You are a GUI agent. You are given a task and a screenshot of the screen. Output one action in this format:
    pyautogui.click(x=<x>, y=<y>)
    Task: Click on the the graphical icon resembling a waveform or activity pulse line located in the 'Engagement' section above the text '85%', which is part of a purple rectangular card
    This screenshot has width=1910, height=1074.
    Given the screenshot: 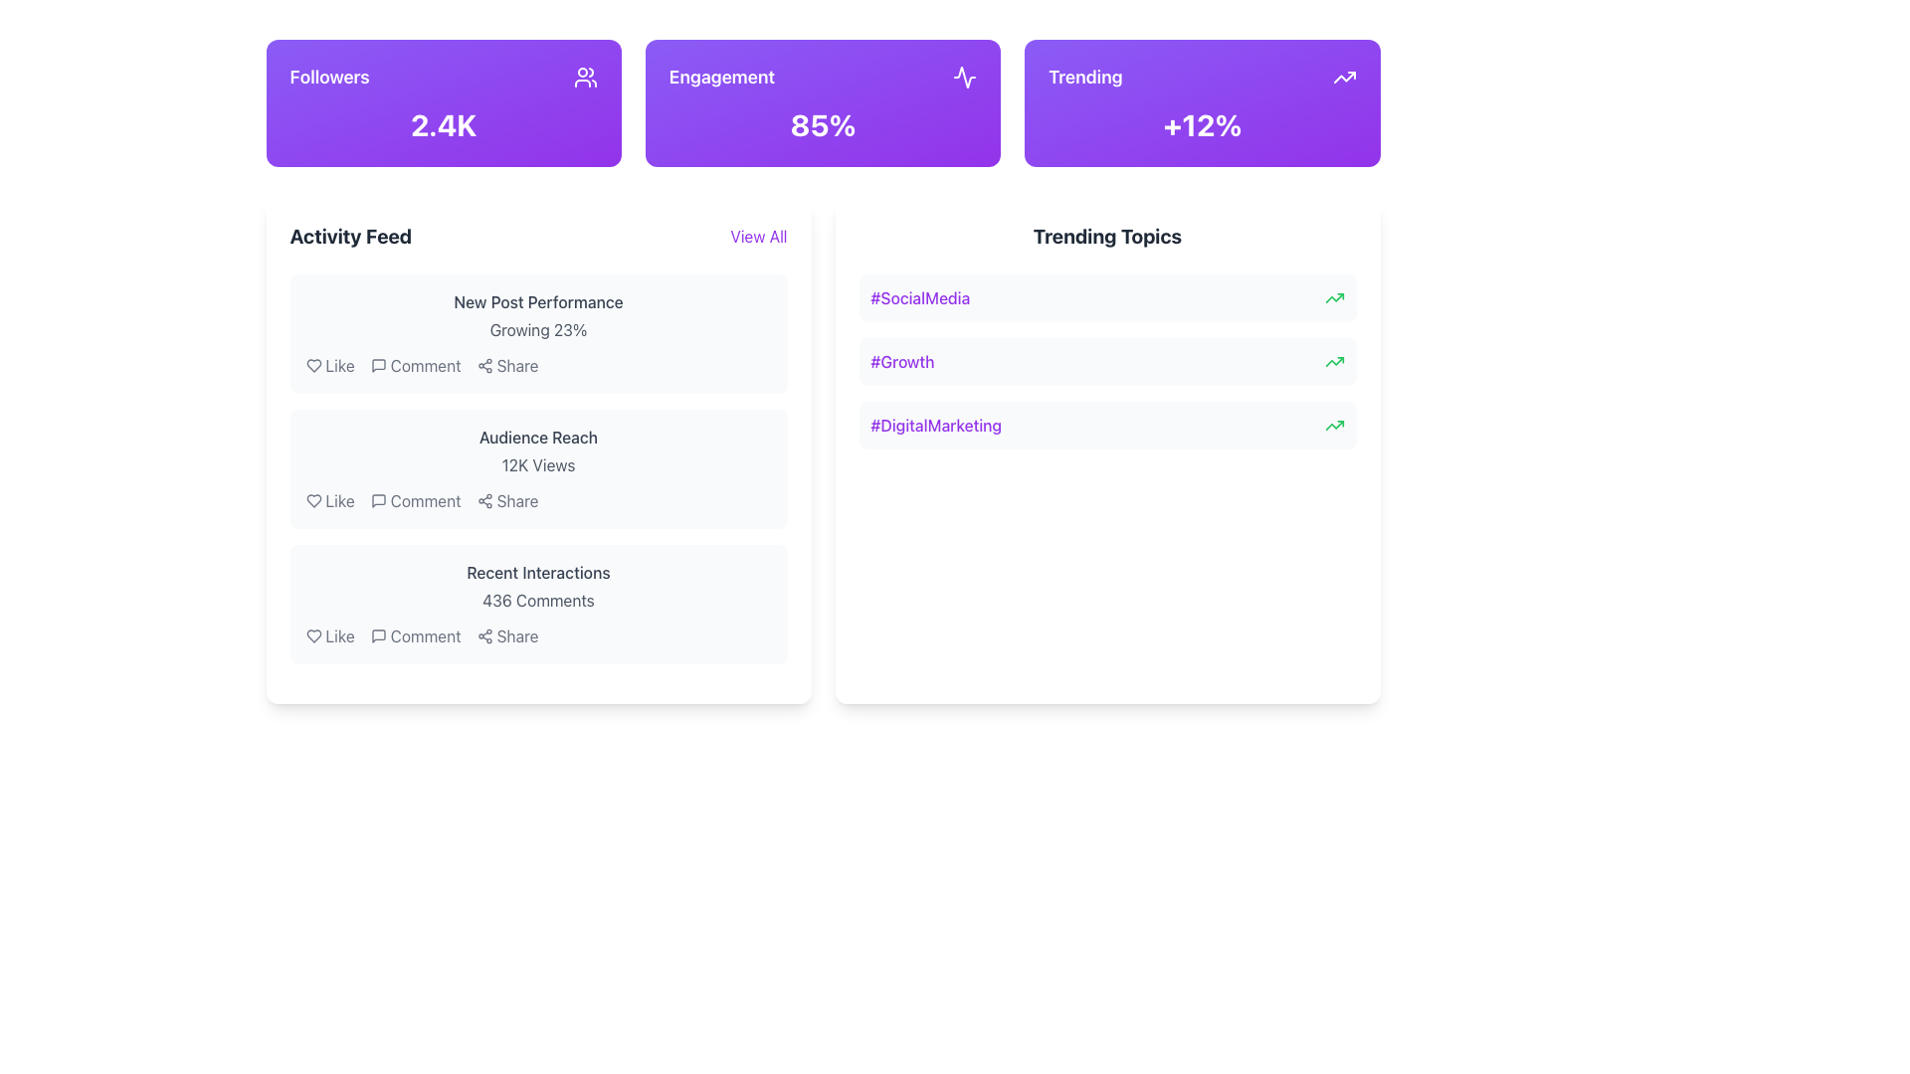 What is the action you would take?
    pyautogui.click(x=965, y=76)
    